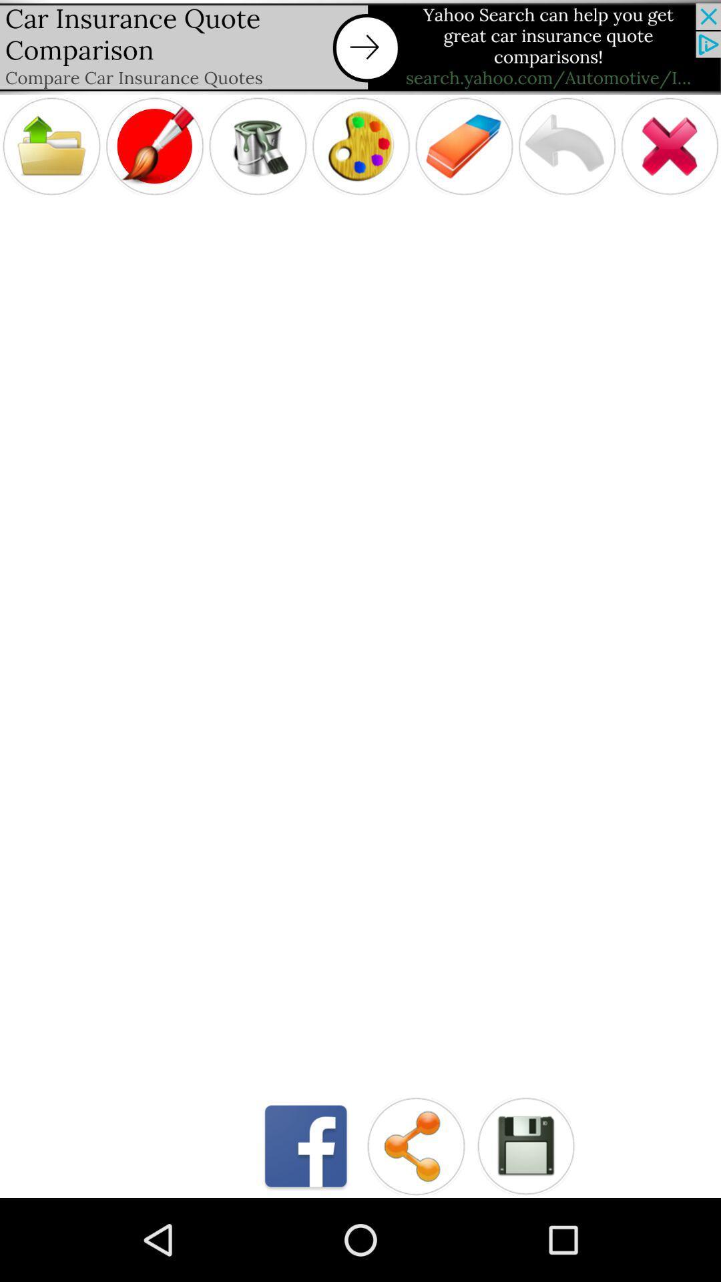 Image resolution: width=721 pixels, height=1282 pixels. I want to click on share to facebook, so click(306, 1145).